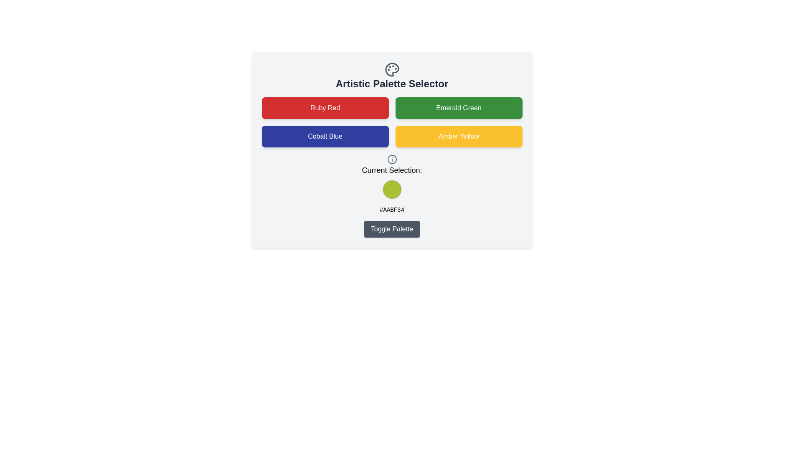 This screenshot has height=451, width=802. What do you see at coordinates (391, 69) in the screenshot?
I see `the central segment of the artistic palette icon, which is located above the 'Artistic Palette Selector' heading` at bounding box center [391, 69].